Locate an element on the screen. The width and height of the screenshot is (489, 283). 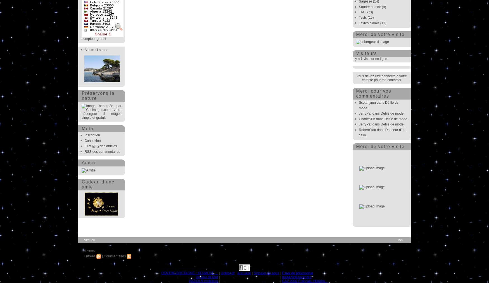
'compteur gratuit' is located at coordinates (94, 38).